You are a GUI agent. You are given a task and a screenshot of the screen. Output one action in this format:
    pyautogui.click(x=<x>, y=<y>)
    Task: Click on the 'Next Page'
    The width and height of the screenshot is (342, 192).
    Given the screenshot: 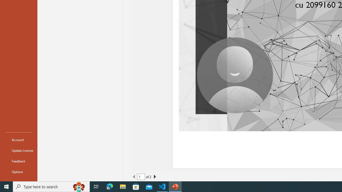 What is the action you would take?
    pyautogui.click(x=154, y=177)
    